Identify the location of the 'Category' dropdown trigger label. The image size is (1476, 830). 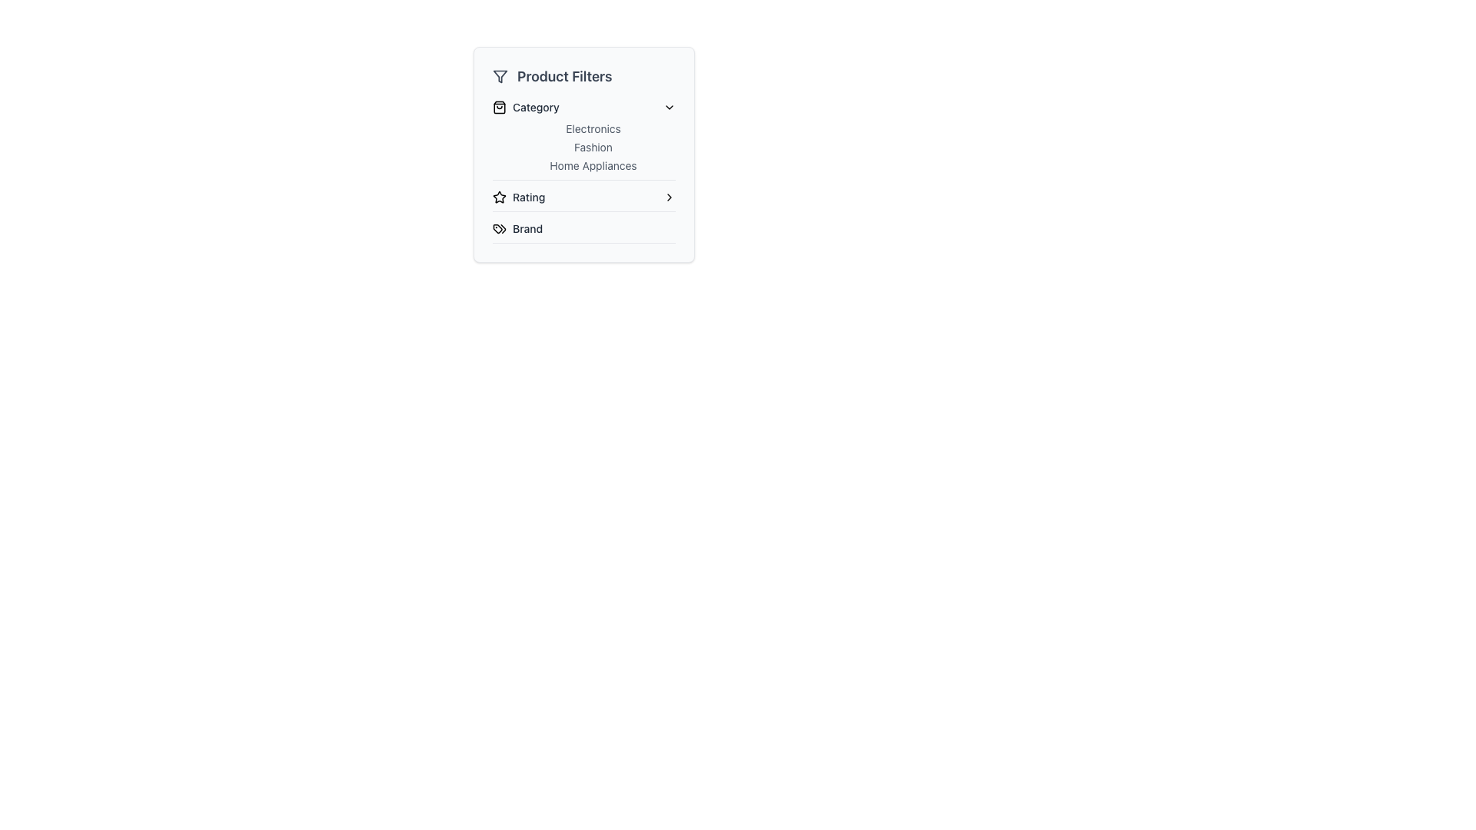
(526, 106).